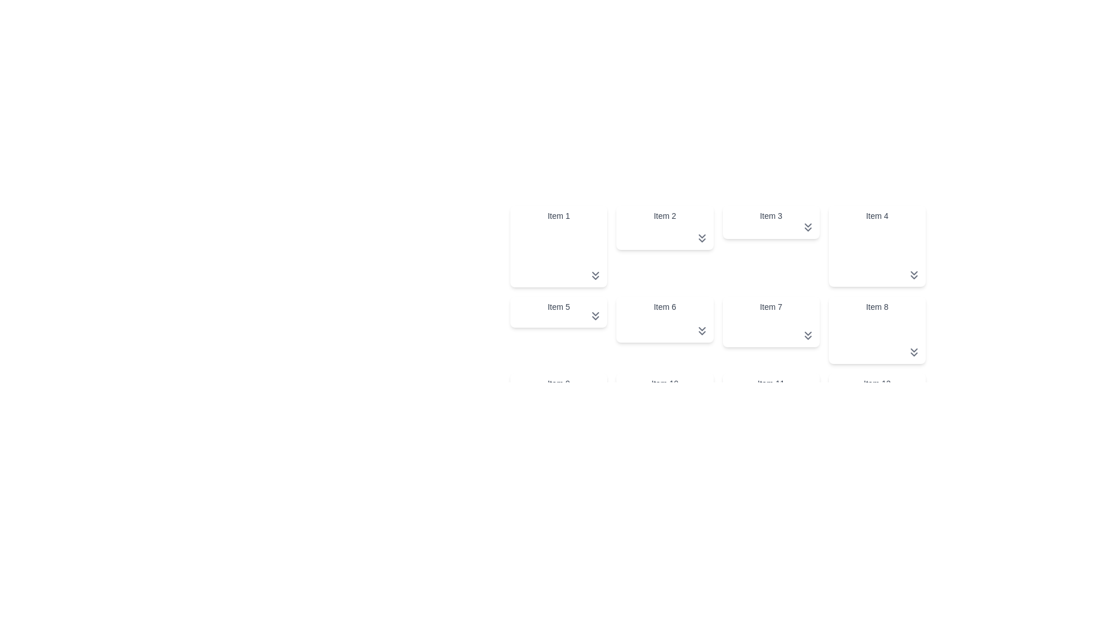 The height and width of the screenshot is (622, 1106). Describe the element at coordinates (596, 316) in the screenshot. I see `the double-chevron SVG icon located in the bottom-right corner of the 'Item 5' card` at that location.